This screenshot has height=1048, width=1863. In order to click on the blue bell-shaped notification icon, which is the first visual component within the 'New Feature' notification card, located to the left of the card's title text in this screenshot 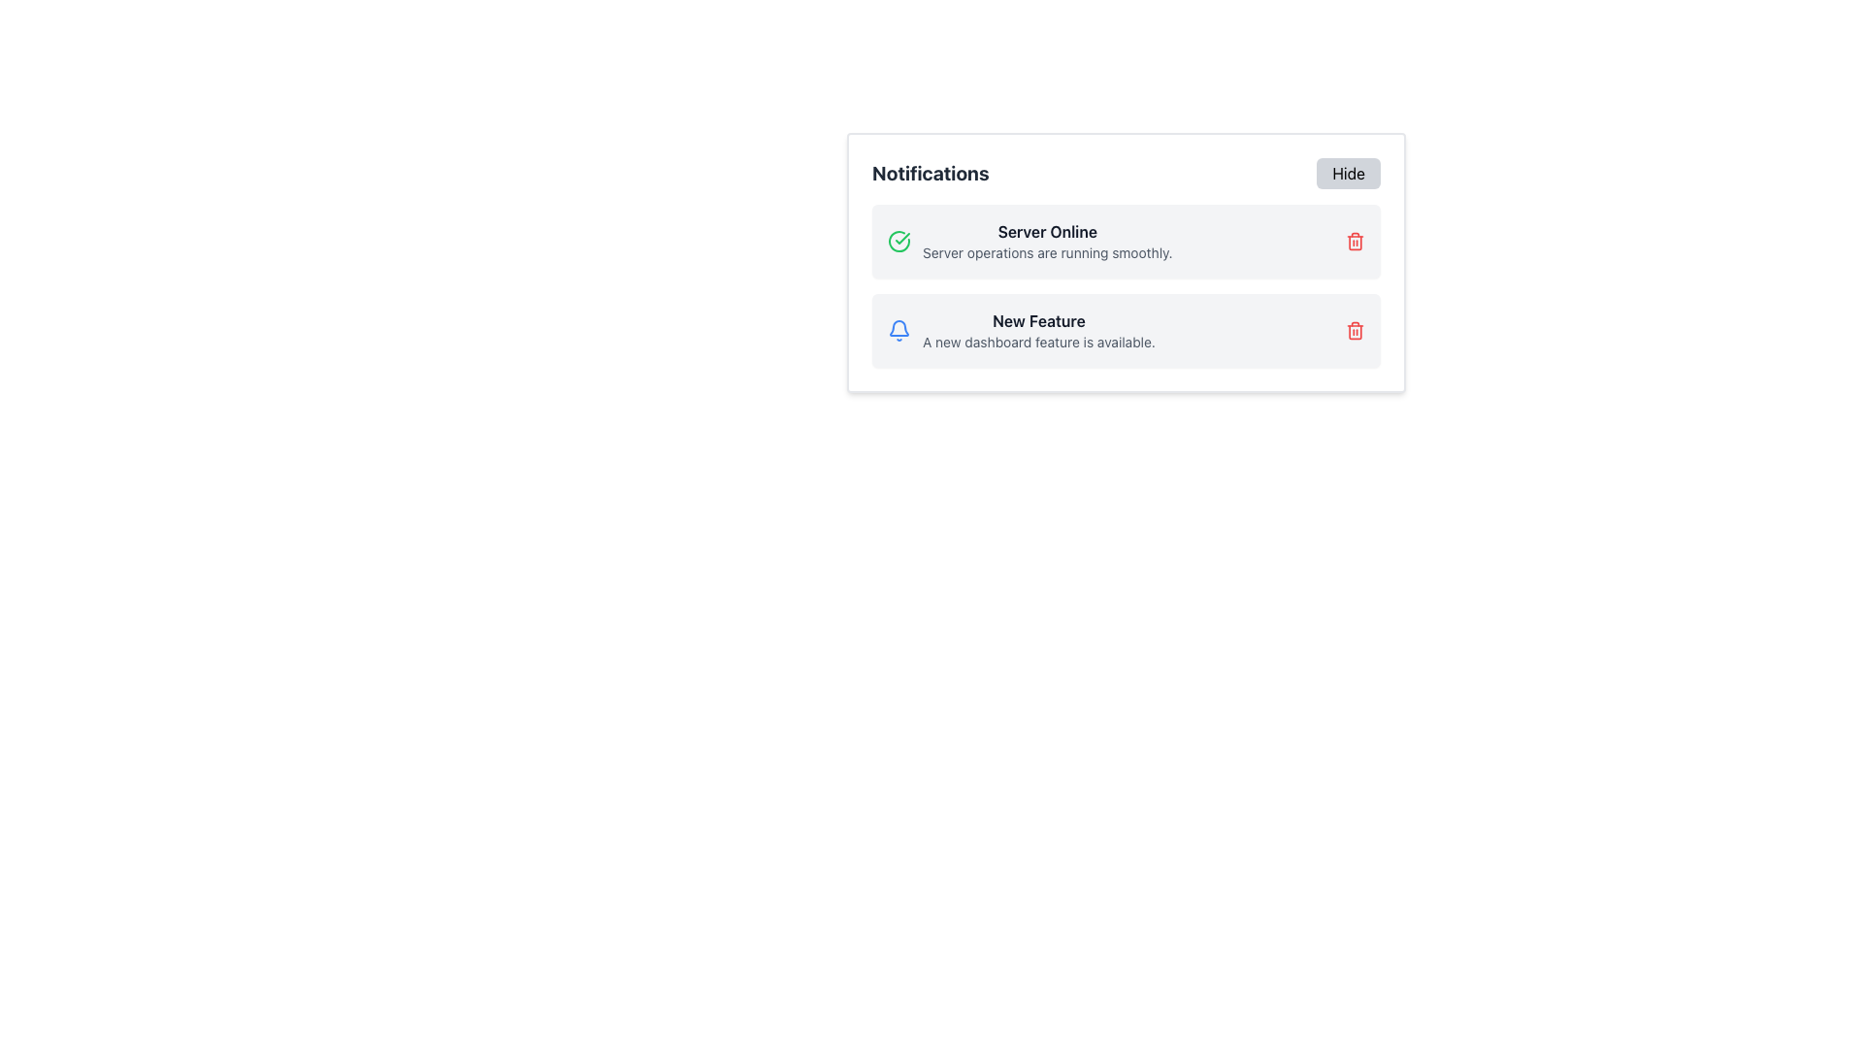, I will do `click(898, 329)`.